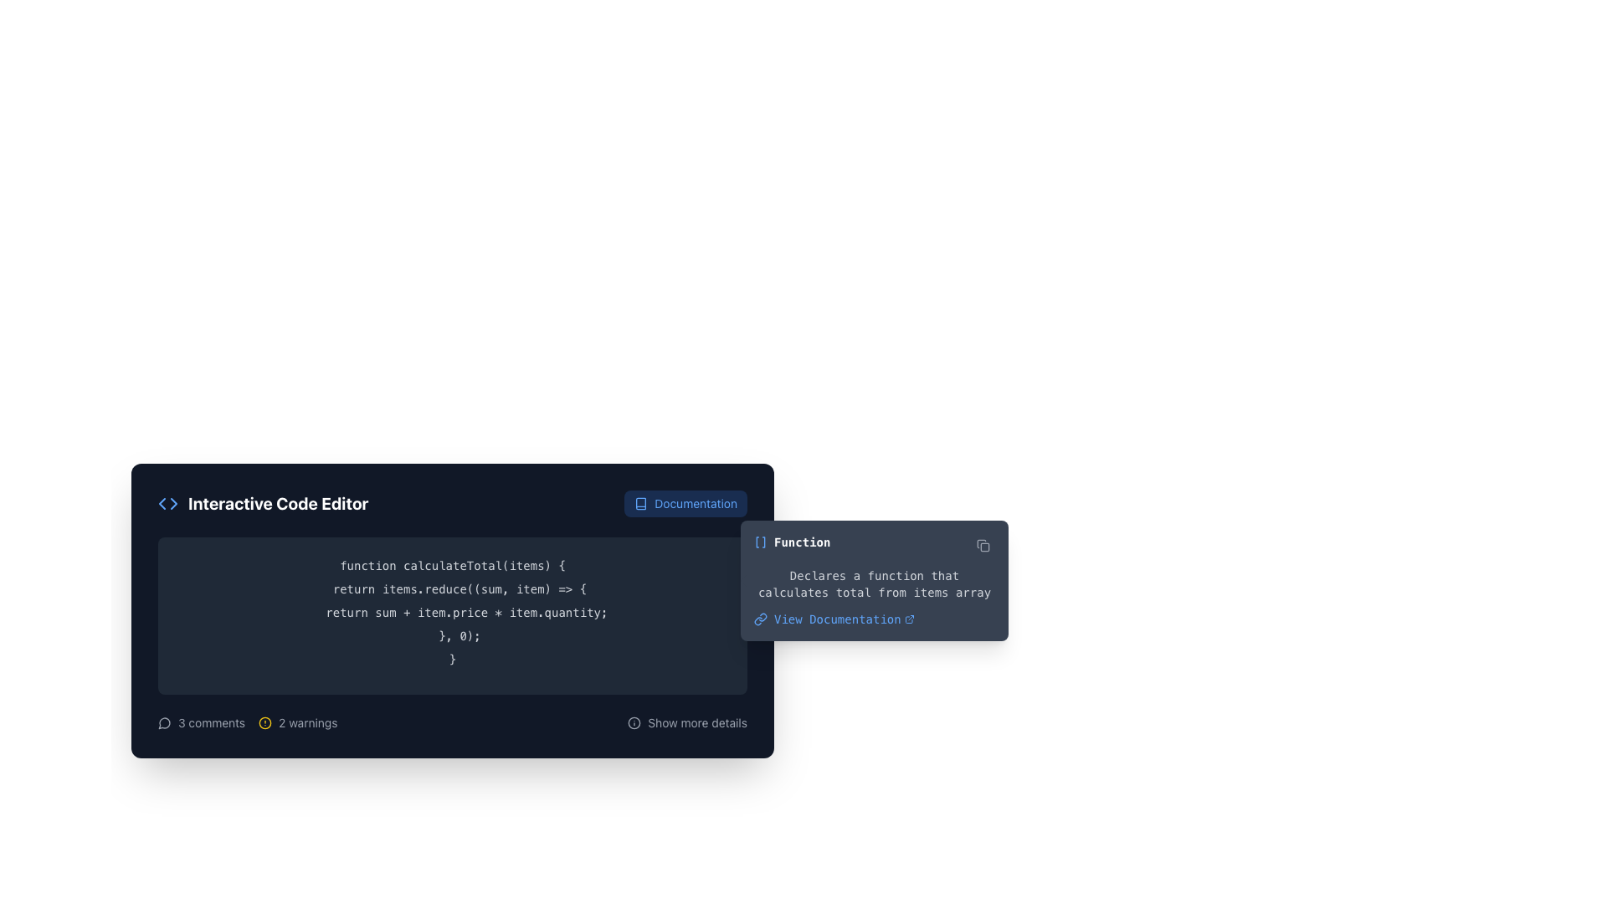  I want to click on the area of the minimalistic rounded square graphical icon component that resembles a 'Copy' icon, which is part of an interactive larger element, so click(984, 547).